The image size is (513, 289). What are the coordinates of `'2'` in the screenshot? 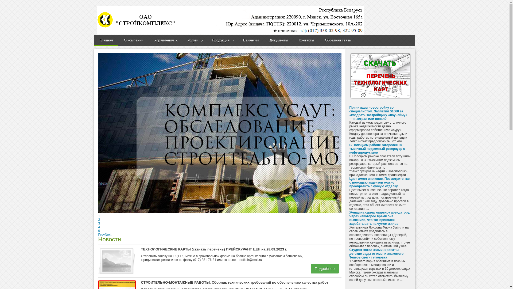 It's located at (99, 220).